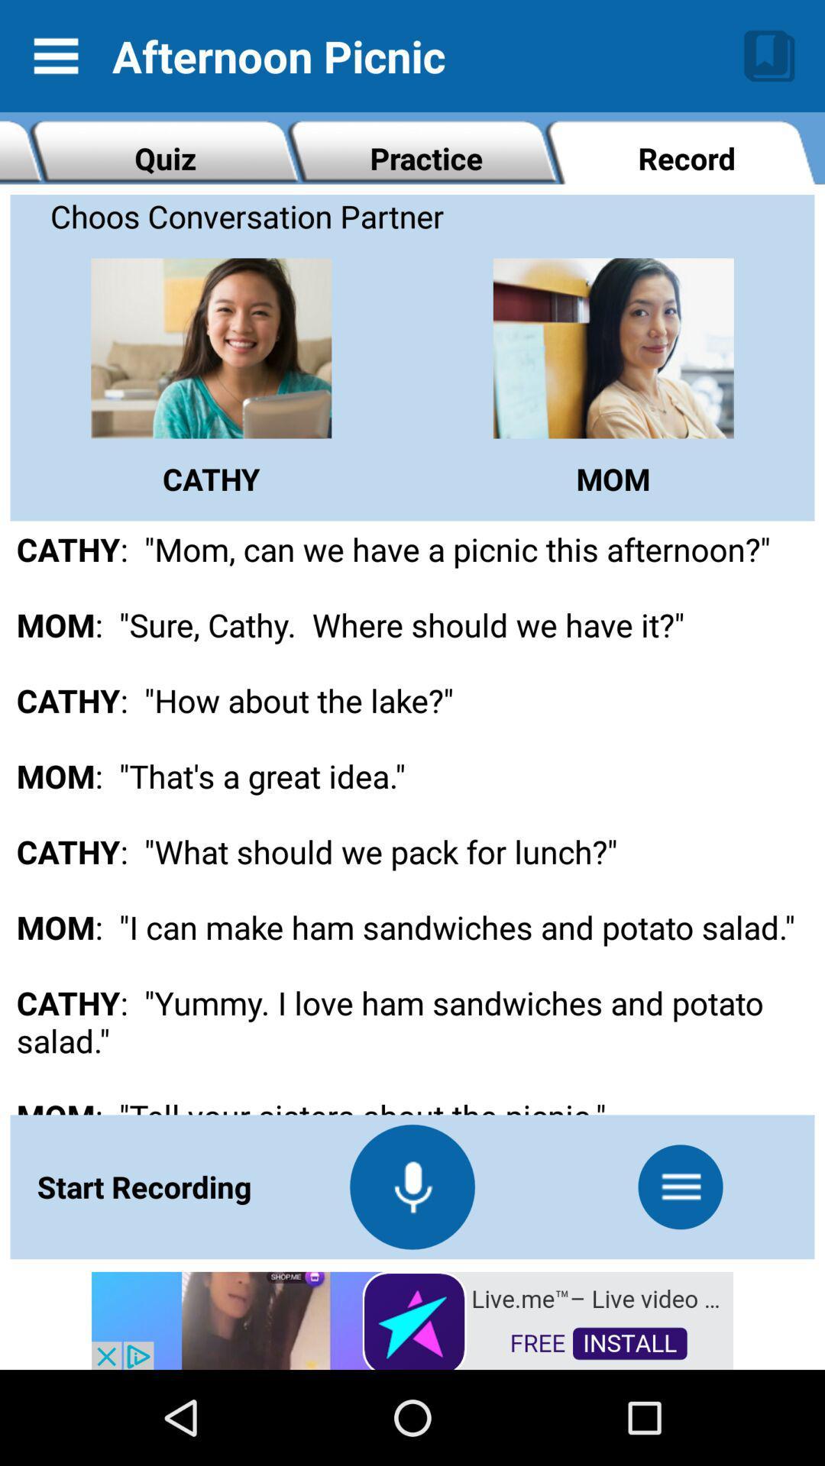 This screenshot has height=1466, width=825. Describe the element at coordinates (680, 1186) in the screenshot. I see `menu` at that location.